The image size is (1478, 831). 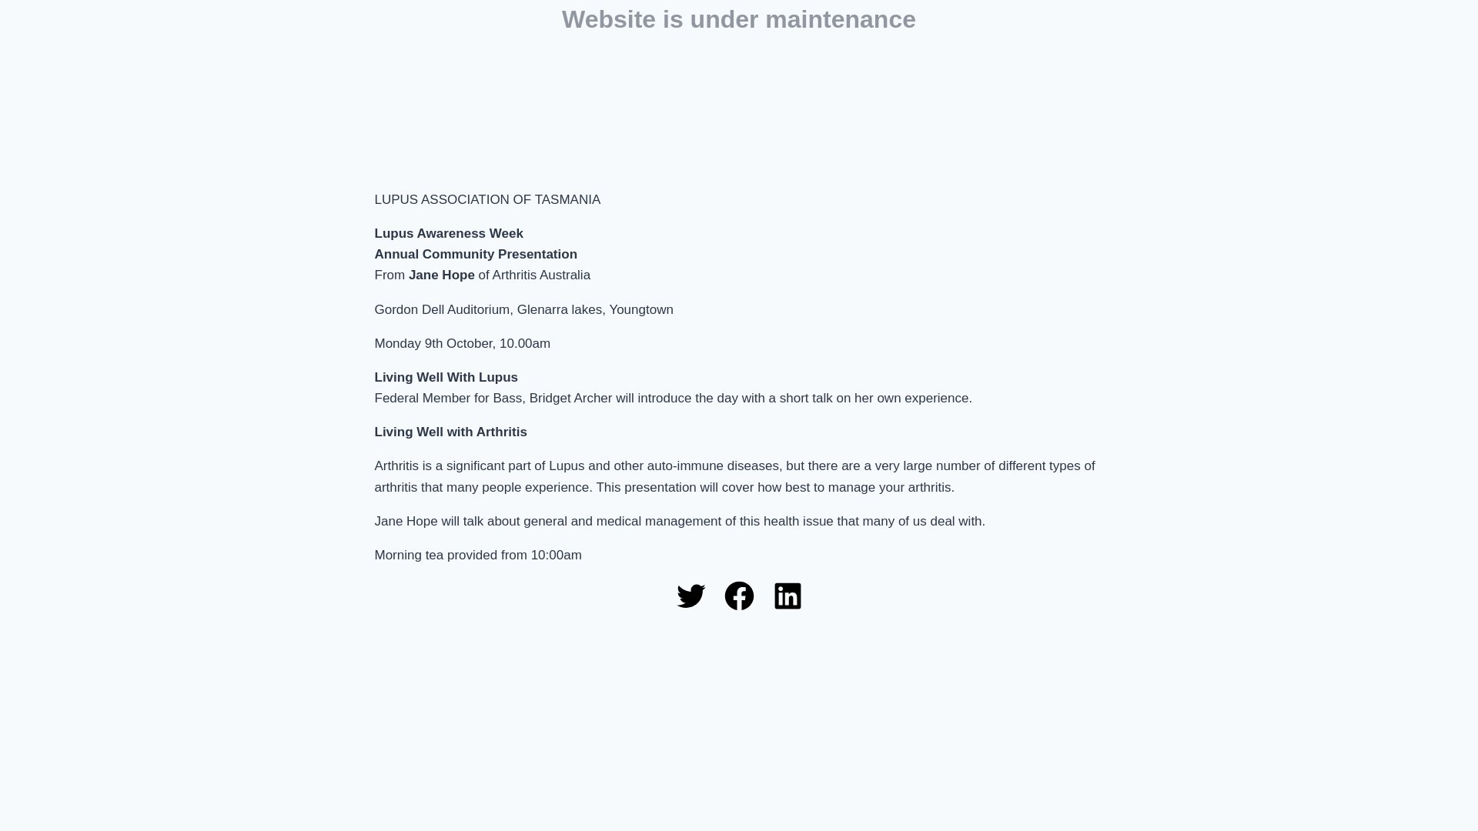 I want to click on 'Facebook', so click(x=739, y=595).